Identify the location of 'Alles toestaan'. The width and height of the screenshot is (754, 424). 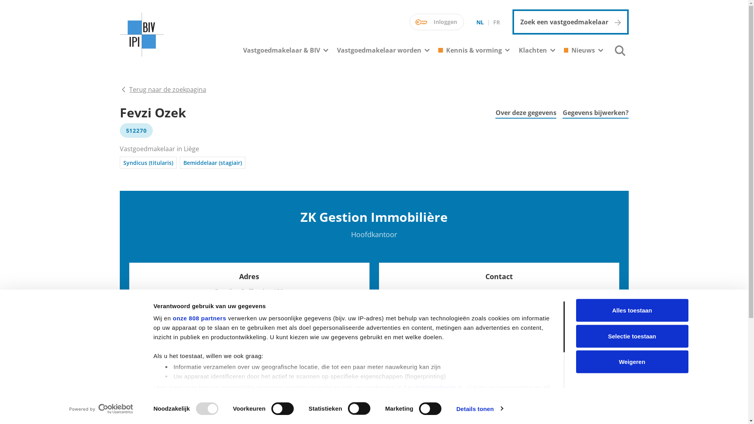
(631, 310).